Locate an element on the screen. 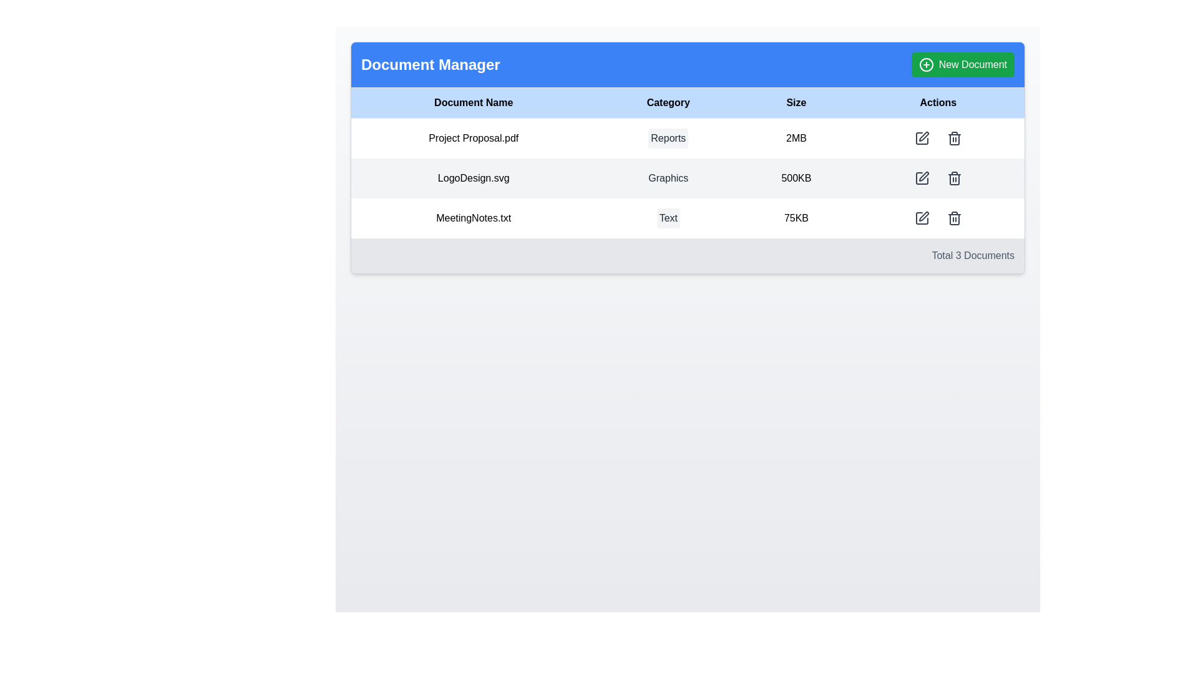 This screenshot has width=1198, height=674. the circular element inside the 'New Document' button at the top-right corner of the interface, which represents the 'add new' action is located at coordinates (926, 65).